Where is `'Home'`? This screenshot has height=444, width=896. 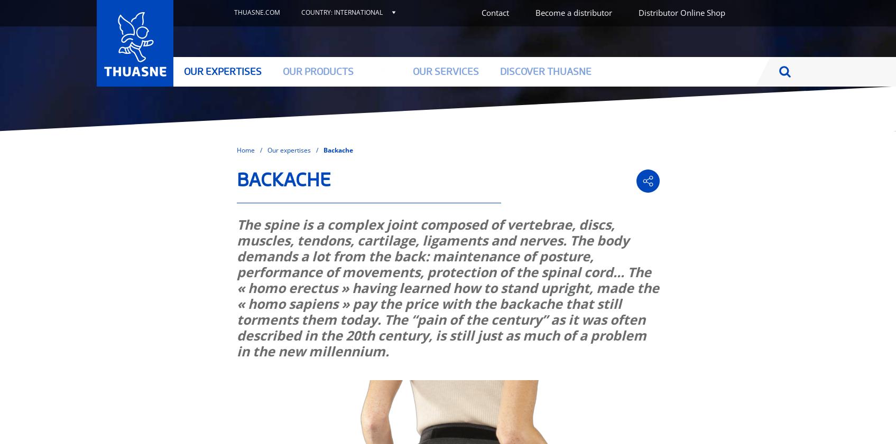 'Home' is located at coordinates (244, 149).